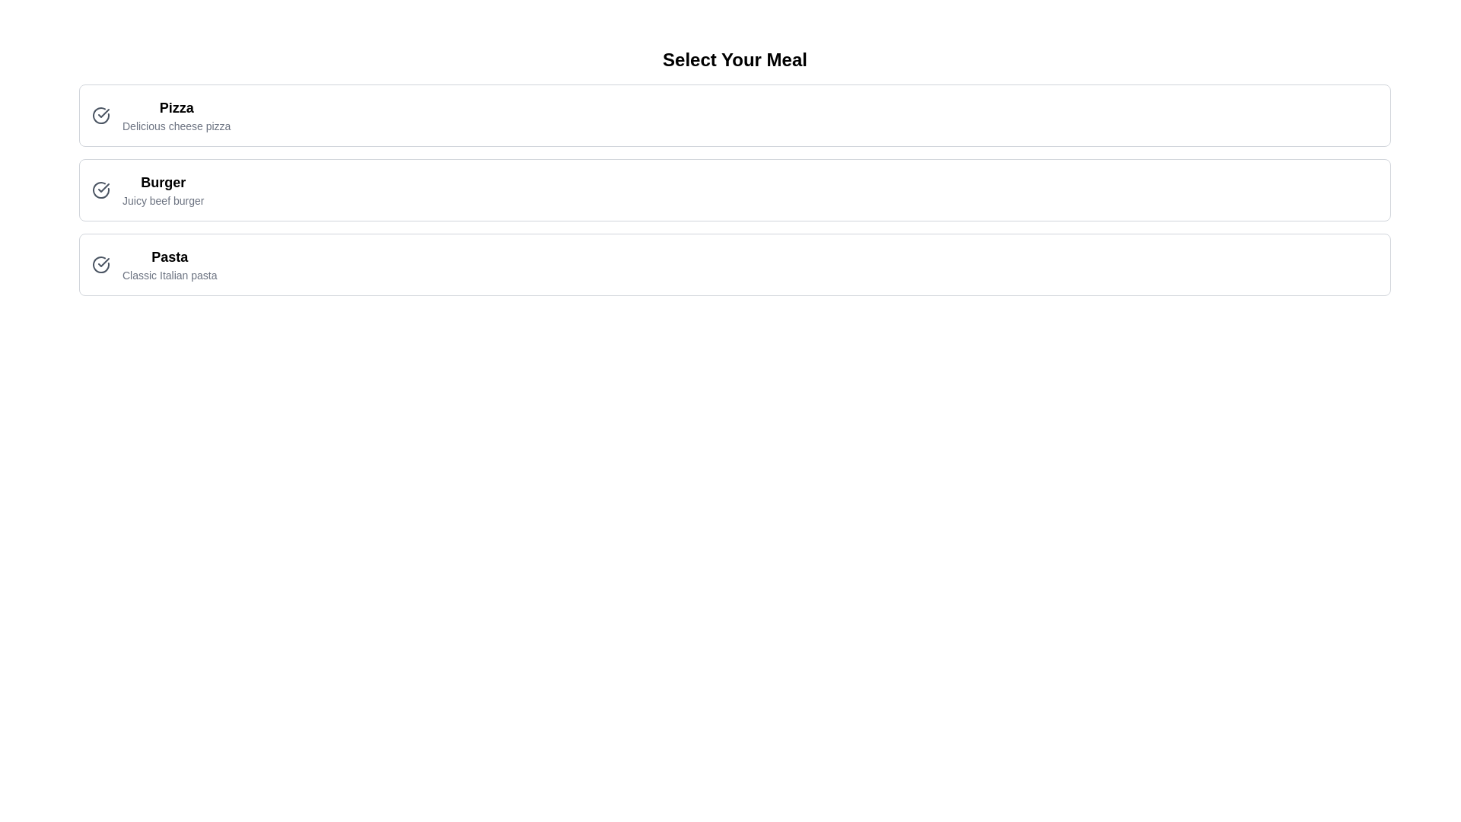  Describe the element at coordinates (734, 190) in the screenshot. I see `the second selectable list item, which represents the 'Juicy beef burger' option` at that location.